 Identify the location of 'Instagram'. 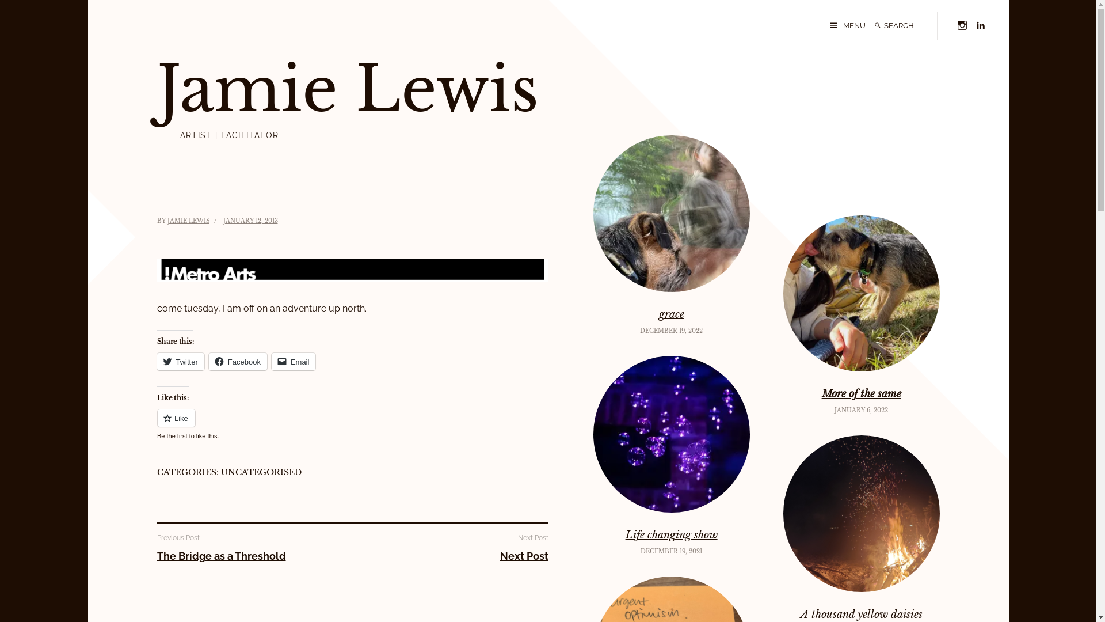
(961, 24).